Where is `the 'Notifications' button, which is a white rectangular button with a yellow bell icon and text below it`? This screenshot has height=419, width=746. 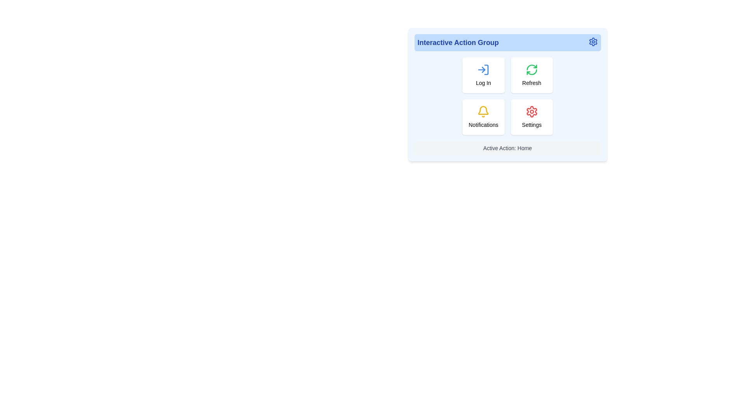 the 'Notifications' button, which is a white rectangular button with a yellow bell icon and text below it is located at coordinates (483, 117).